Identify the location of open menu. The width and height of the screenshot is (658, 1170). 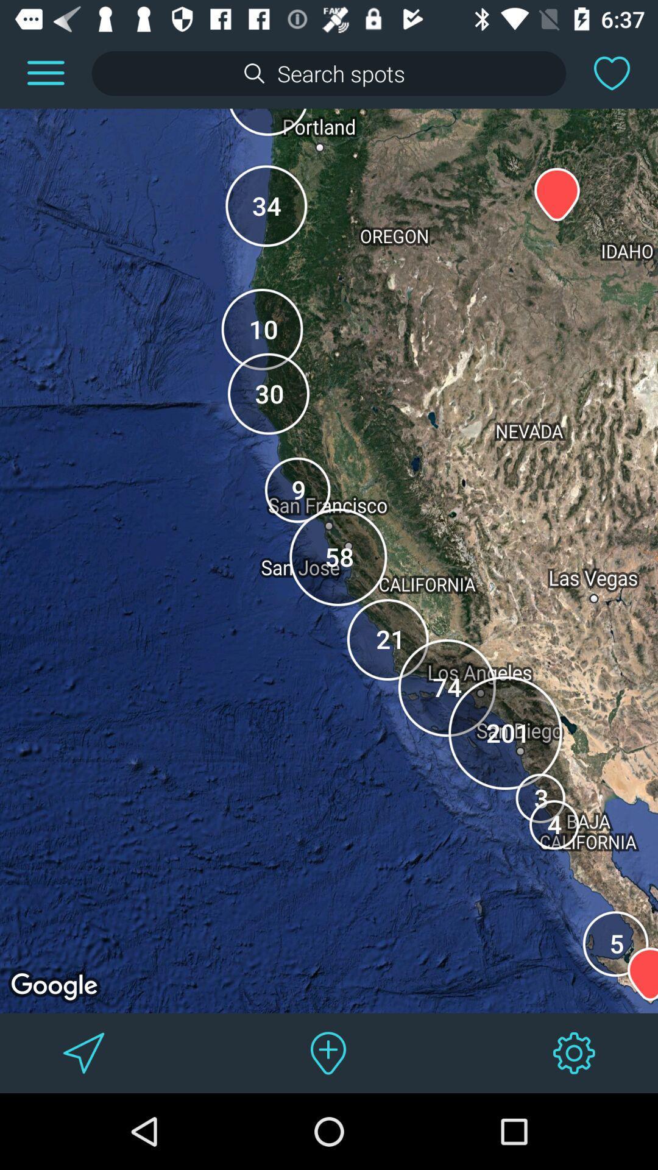
(45, 73).